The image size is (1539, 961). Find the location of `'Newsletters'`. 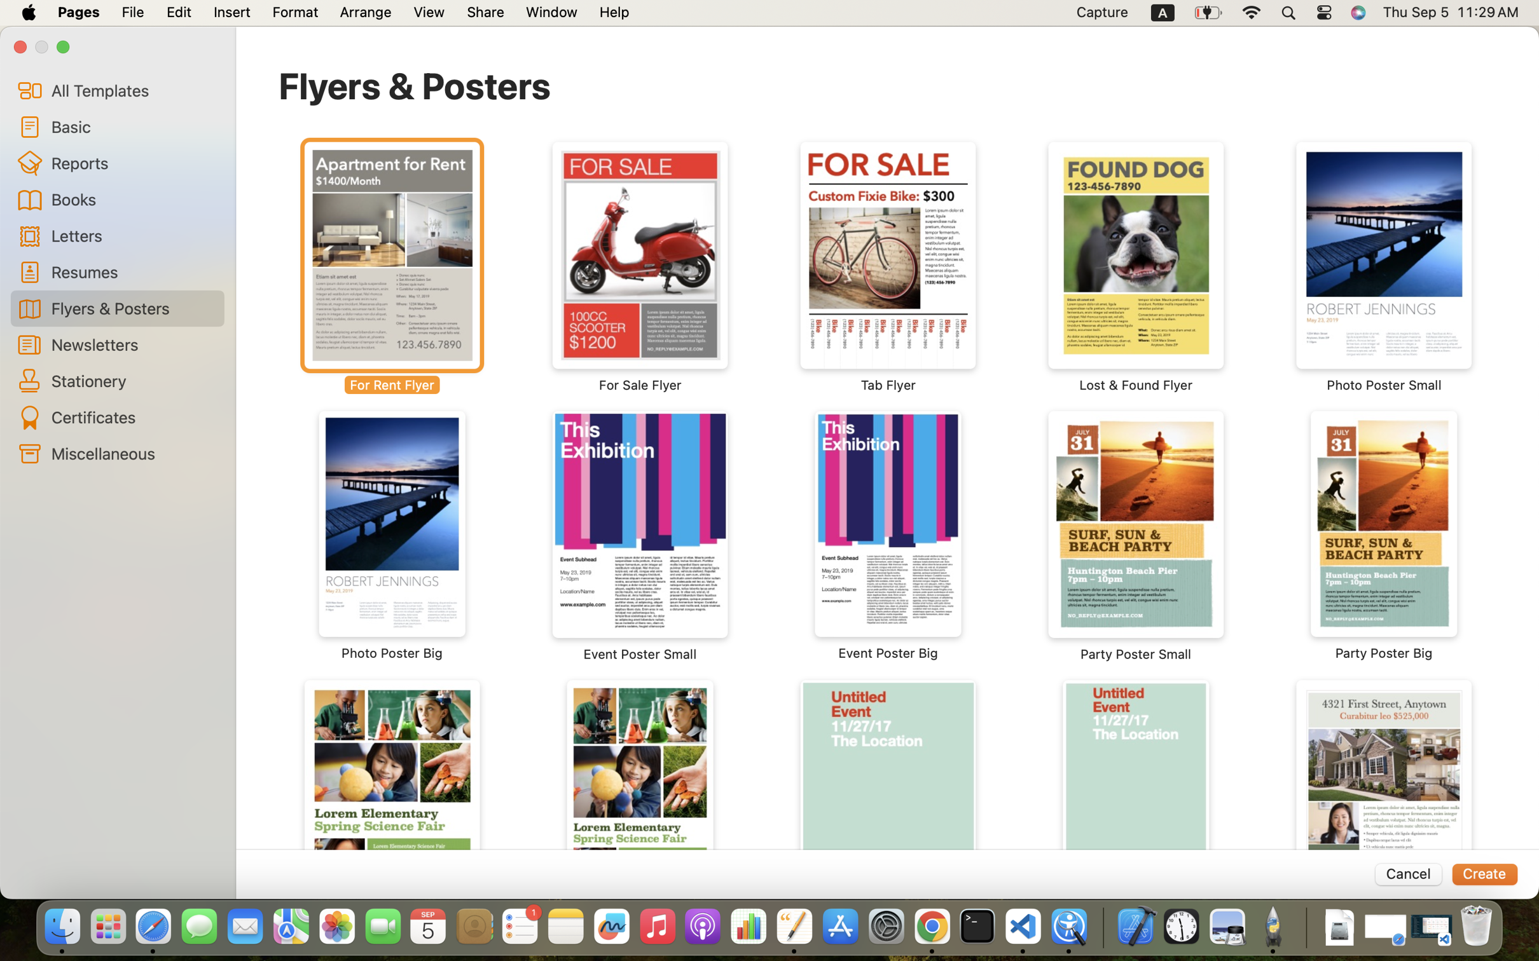

'Newsletters' is located at coordinates (132, 343).